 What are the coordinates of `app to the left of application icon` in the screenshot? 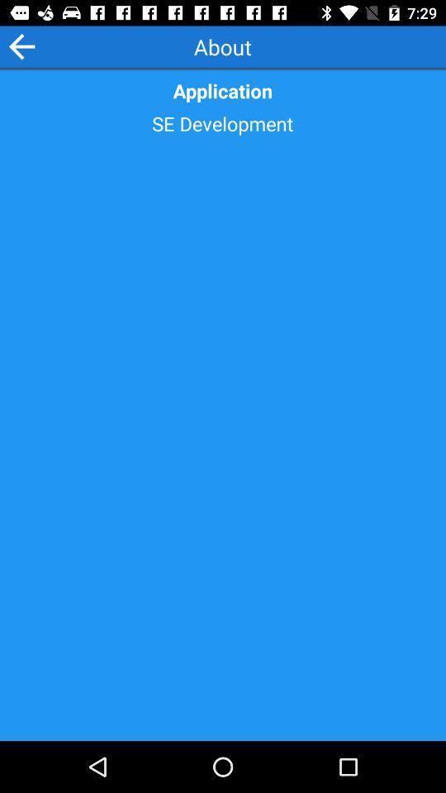 It's located at (21, 45).